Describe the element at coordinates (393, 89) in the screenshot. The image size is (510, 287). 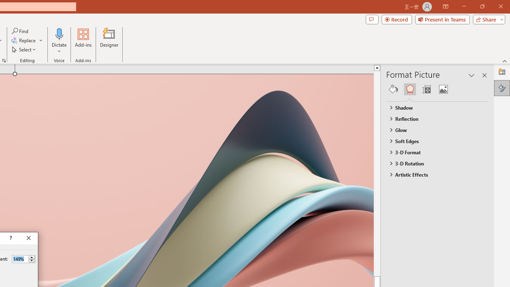
I see `'Fill & Line'` at that location.